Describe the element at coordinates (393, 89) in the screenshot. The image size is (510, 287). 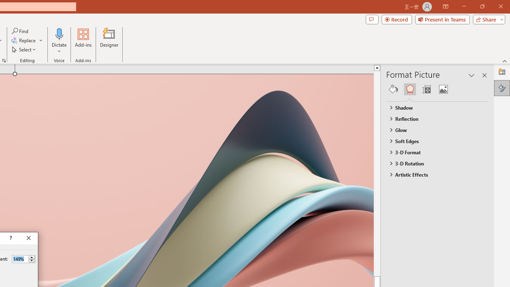
I see `'Fill & Line'` at that location.